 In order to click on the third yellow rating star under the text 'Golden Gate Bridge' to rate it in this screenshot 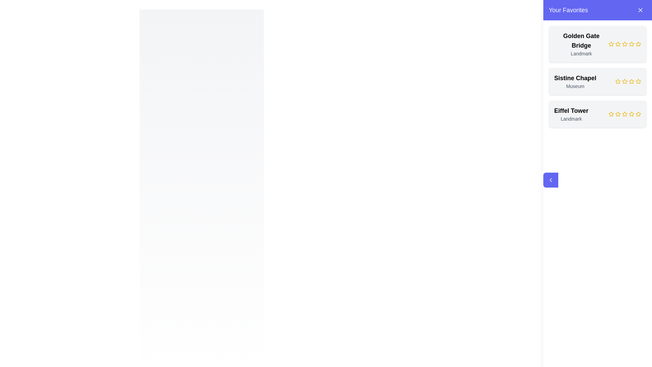, I will do `click(624, 44)`.